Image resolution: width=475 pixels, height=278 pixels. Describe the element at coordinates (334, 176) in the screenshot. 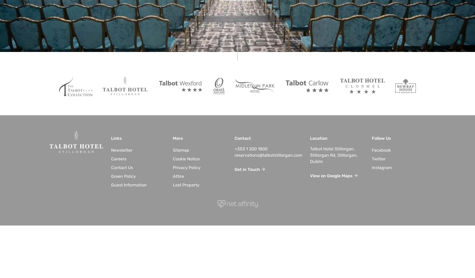

I see `'Google'` at that location.